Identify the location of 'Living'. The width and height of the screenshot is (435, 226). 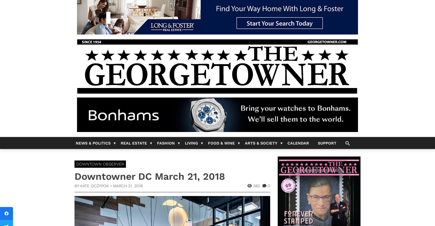
(191, 143).